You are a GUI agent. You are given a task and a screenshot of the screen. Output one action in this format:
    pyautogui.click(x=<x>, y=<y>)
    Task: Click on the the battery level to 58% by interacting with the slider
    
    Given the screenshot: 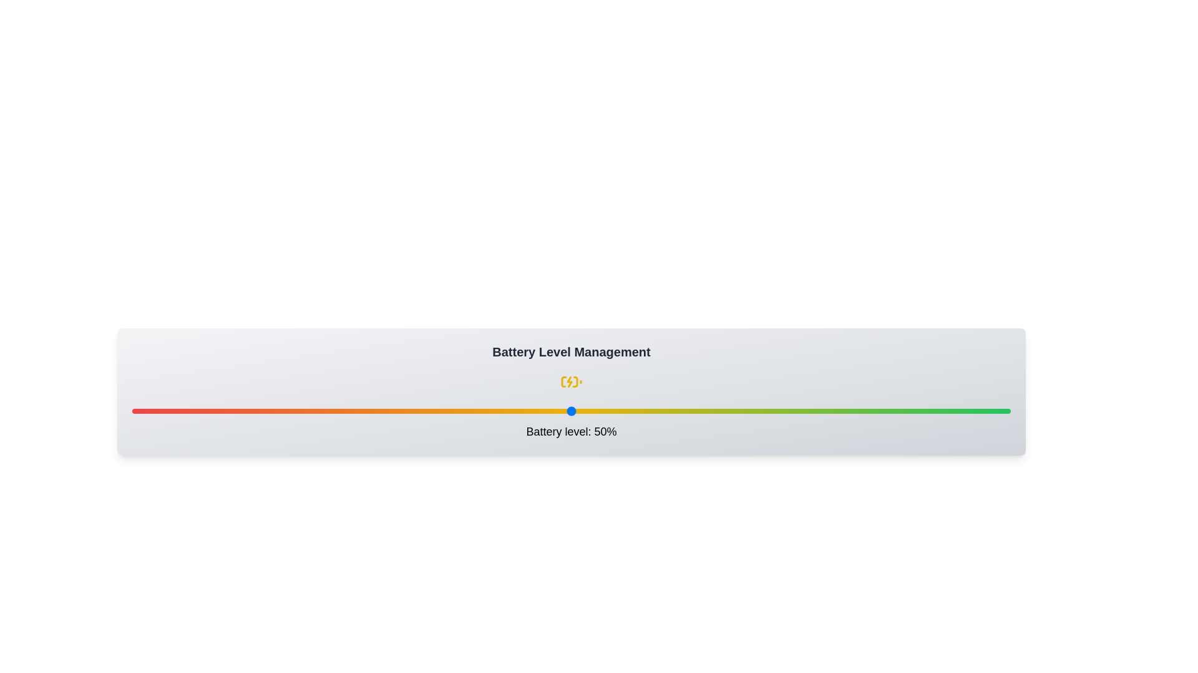 What is the action you would take?
    pyautogui.click(x=641, y=411)
    